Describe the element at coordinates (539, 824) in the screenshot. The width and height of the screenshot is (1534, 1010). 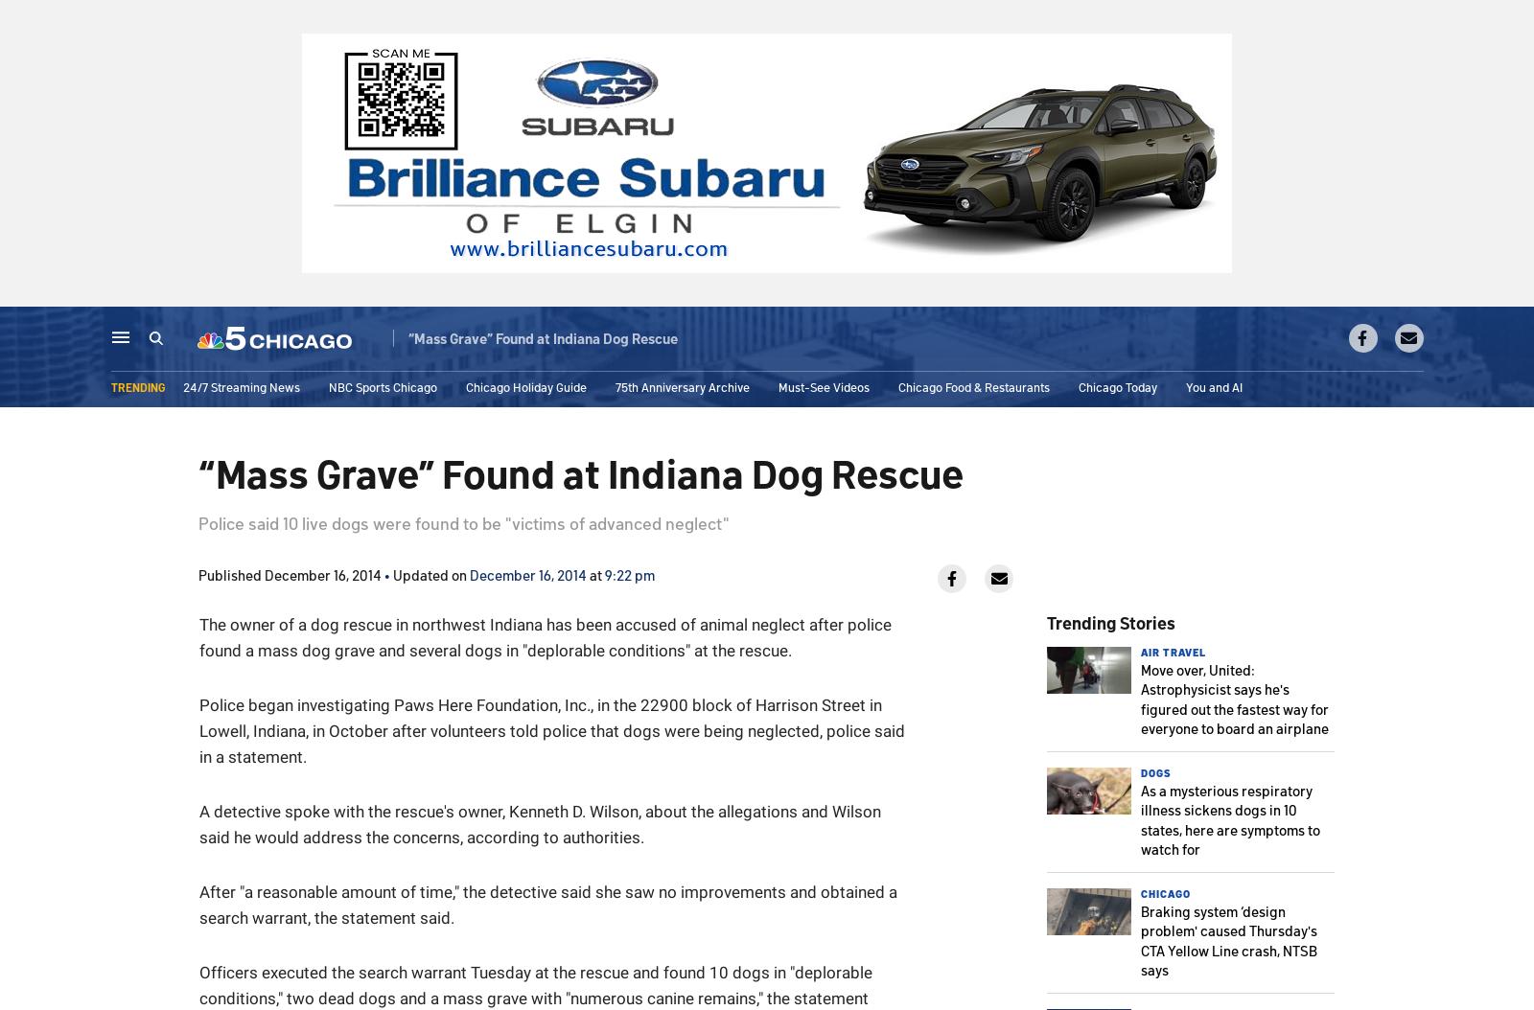
I see `'A detective spoke with the rescue's owner, Kenneth D. Wilson, about the allegations and Wilson said he would address the concerns, according to authorities.'` at that location.